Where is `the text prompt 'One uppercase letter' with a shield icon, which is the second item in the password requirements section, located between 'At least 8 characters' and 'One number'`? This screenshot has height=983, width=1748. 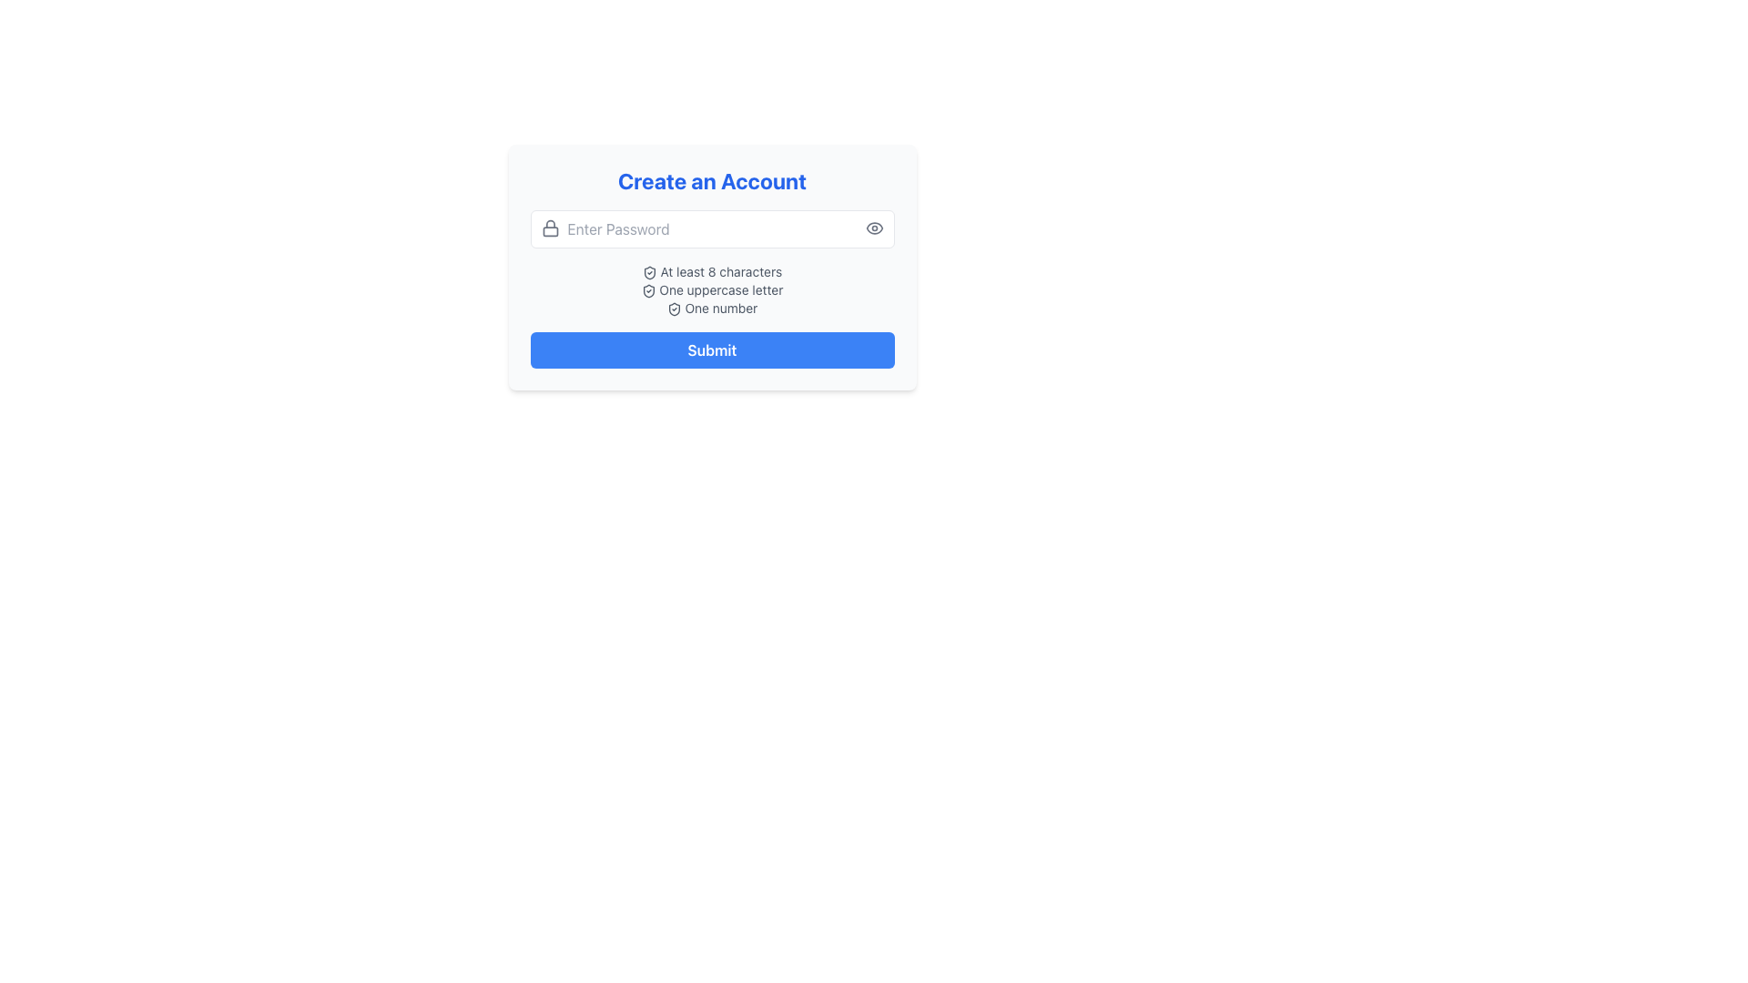
the text prompt 'One uppercase letter' with a shield icon, which is the second item in the password requirements section, located between 'At least 8 characters' and 'One number' is located at coordinates (711, 289).